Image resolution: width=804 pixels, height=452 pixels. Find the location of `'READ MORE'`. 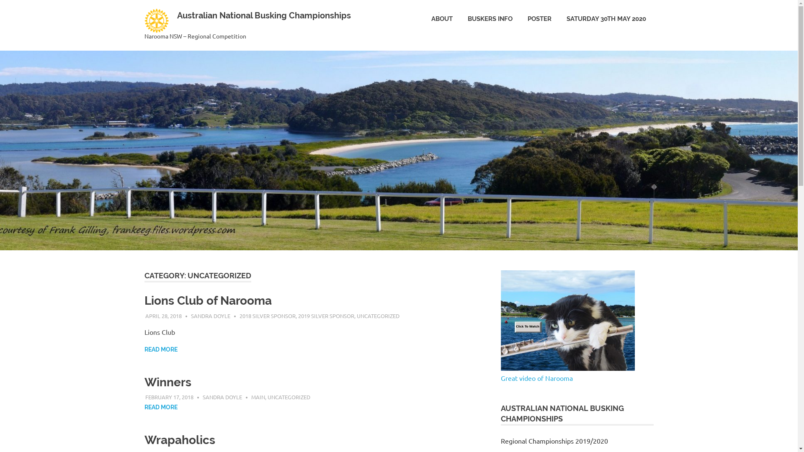

'READ MORE' is located at coordinates (160, 349).